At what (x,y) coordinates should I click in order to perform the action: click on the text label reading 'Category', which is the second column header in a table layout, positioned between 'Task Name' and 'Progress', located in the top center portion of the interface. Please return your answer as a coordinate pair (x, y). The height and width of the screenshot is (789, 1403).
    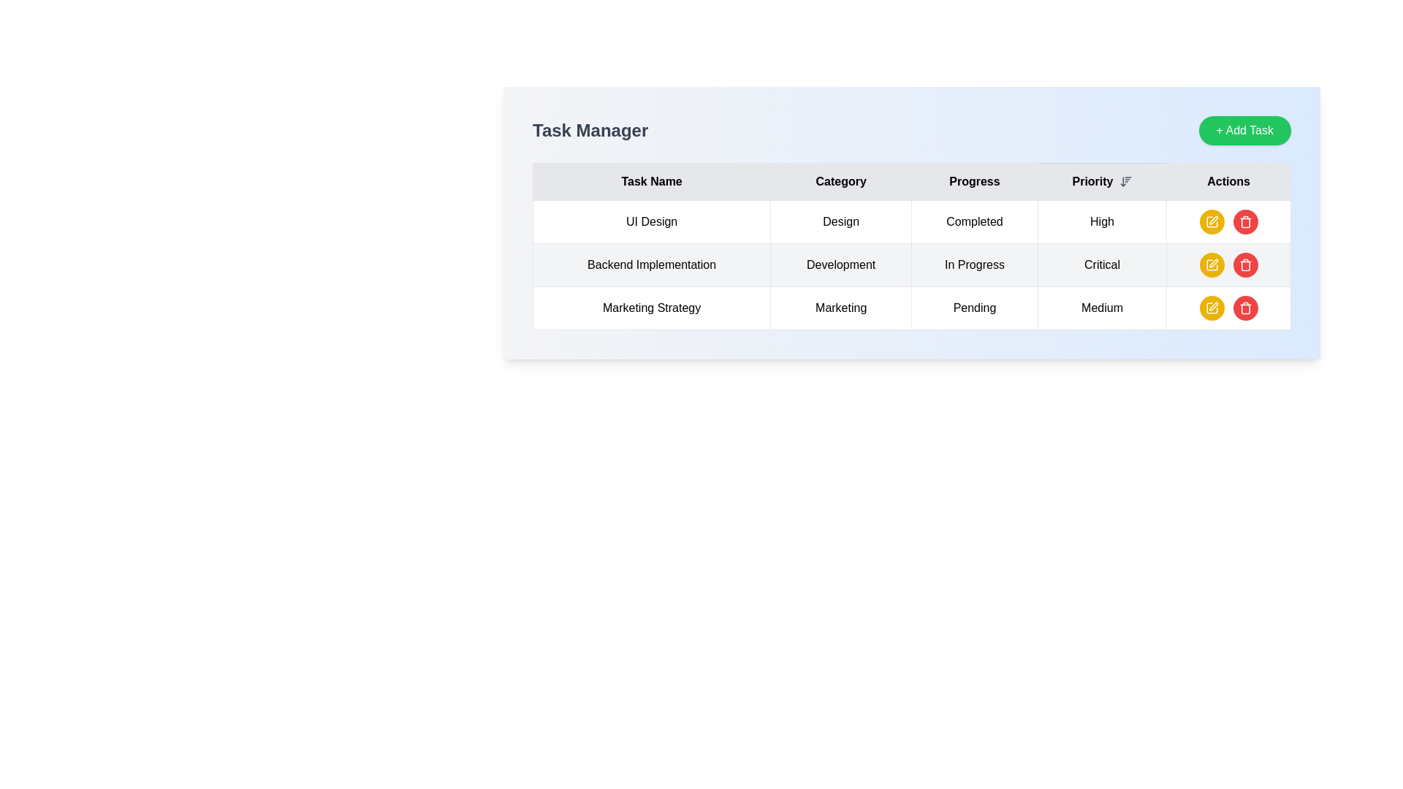
    Looking at the image, I should click on (841, 181).